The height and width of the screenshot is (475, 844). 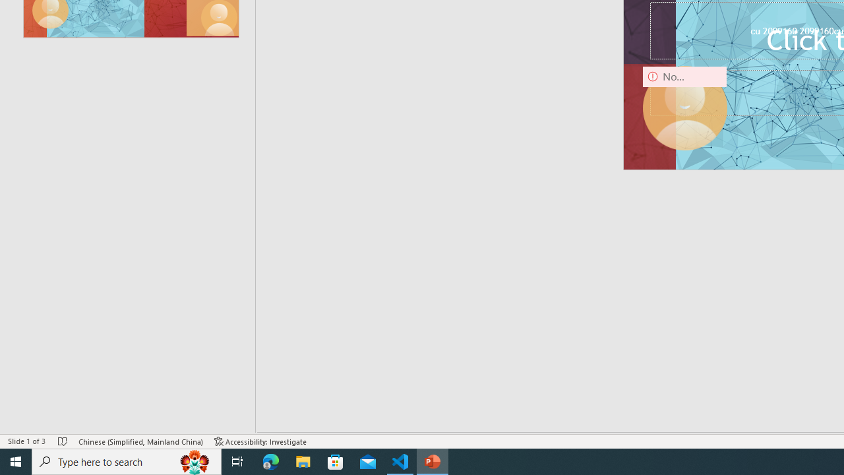 What do you see at coordinates (684, 108) in the screenshot?
I see `'Camera 9, No camera detected.'` at bounding box center [684, 108].